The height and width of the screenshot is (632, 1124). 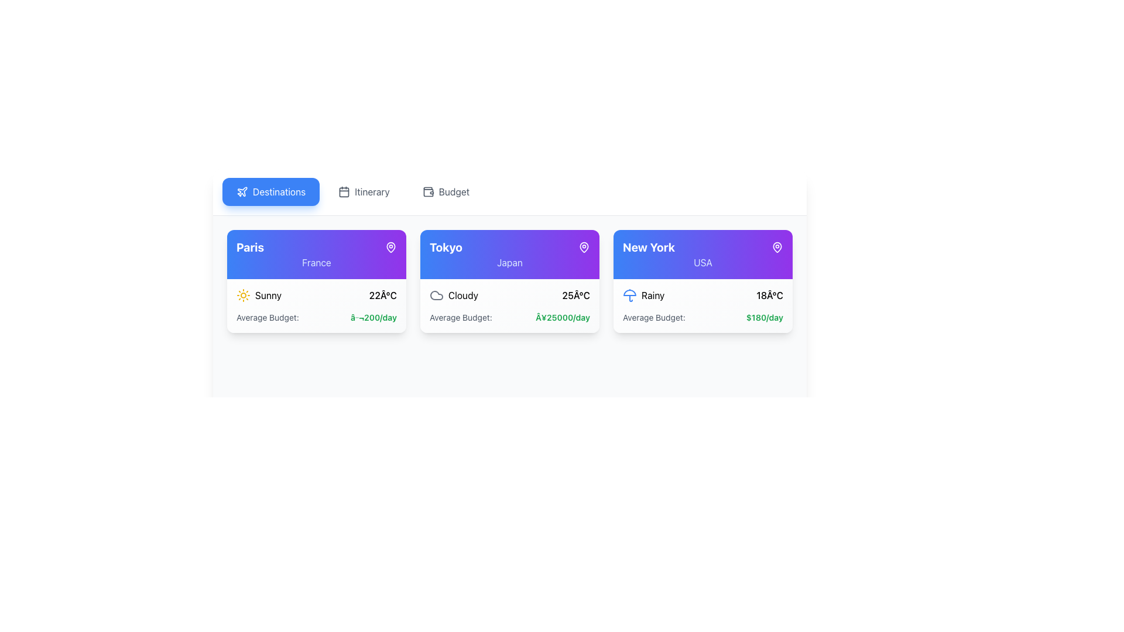 What do you see at coordinates (563, 318) in the screenshot?
I see `text from the Text Label displaying '¥25000/day', which is styled in green and bold, located to the right of 'Average Budget:' on the budget card for Tokyo` at bounding box center [563, 318].